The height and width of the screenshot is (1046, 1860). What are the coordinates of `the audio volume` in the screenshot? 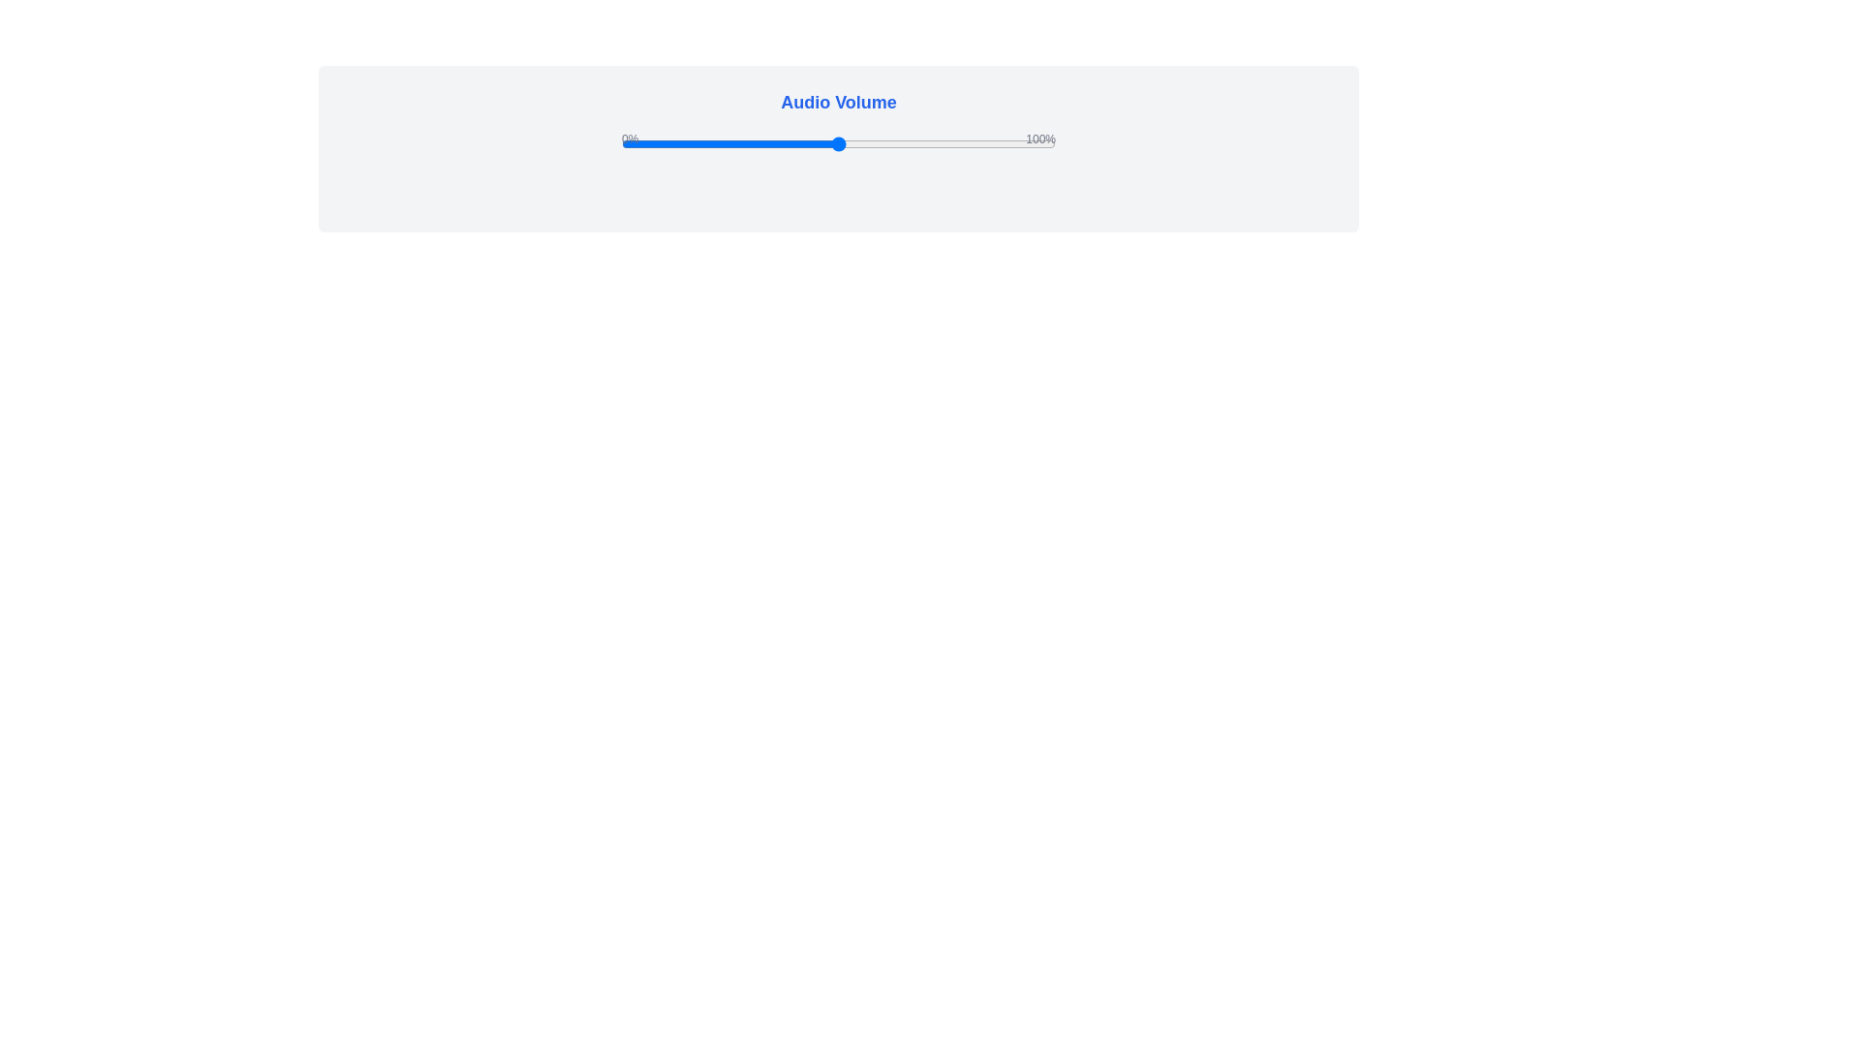 It's located at (986, 143).